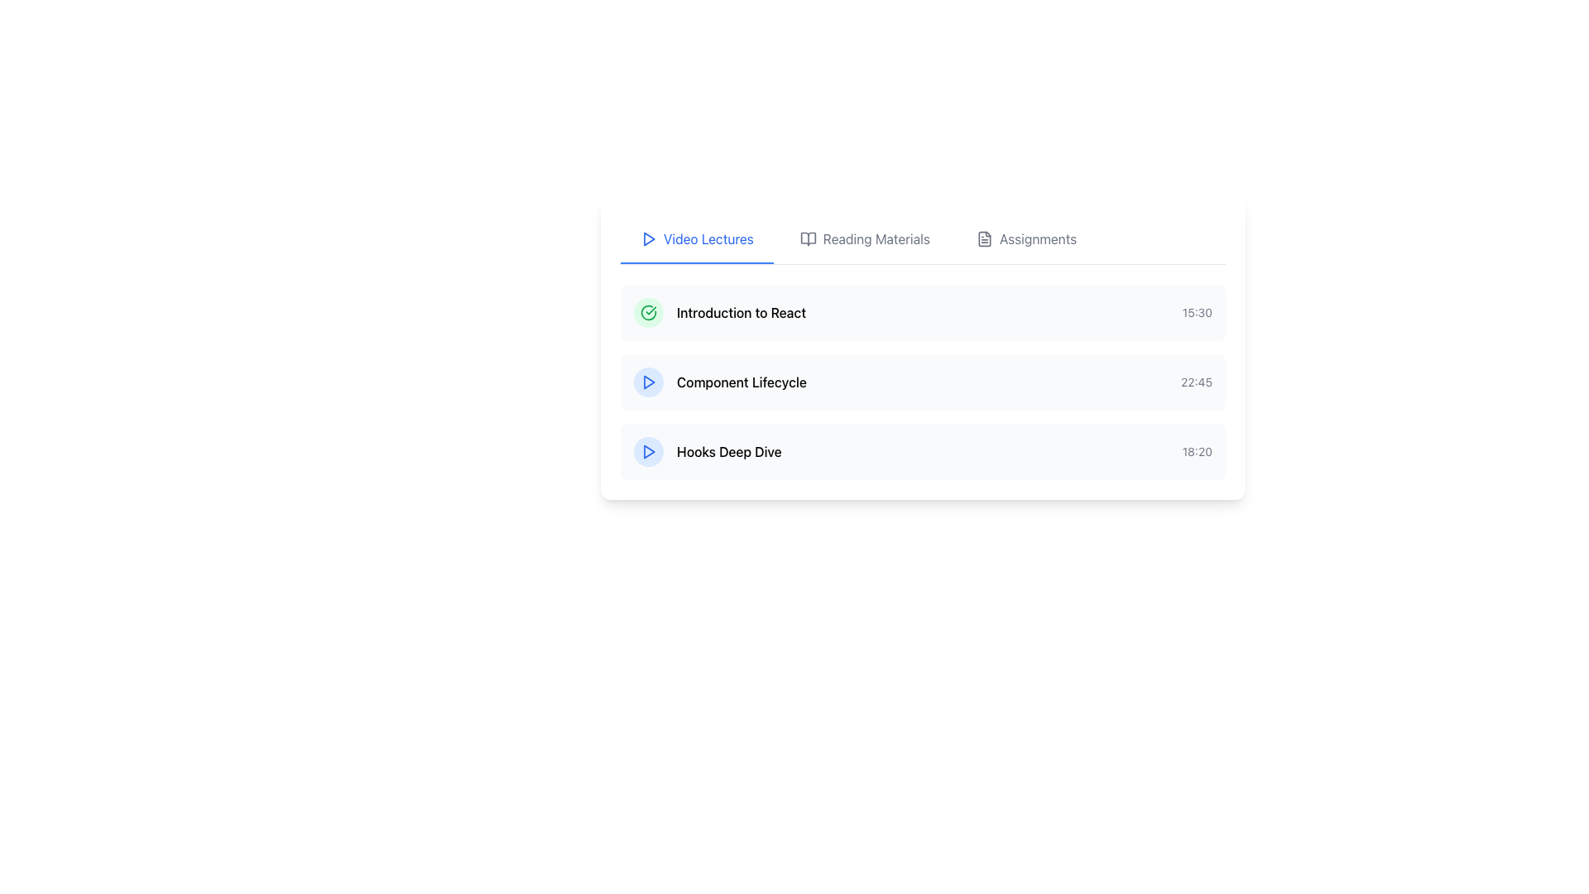  What do you see at coordinates (985, 239) in the screenshot?
I see `icon representing file-related tasks next to the 'Assignments' label in the top-right section of the interface` at bounding box center [985, 239].